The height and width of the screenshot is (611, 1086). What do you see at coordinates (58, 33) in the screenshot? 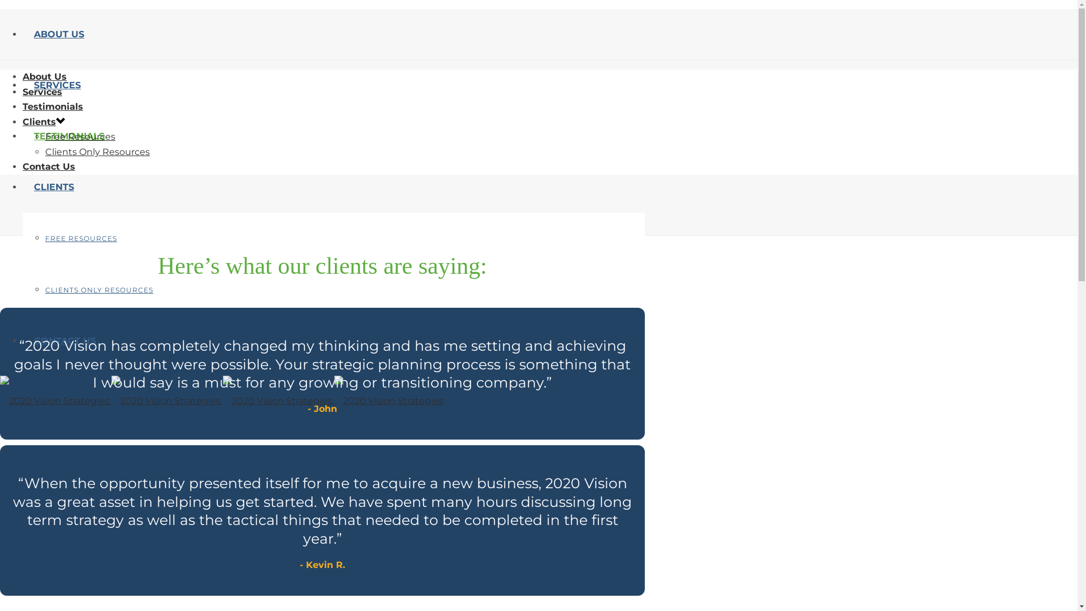
I see `'ABOUT US'` at bounding box center [58, 33].